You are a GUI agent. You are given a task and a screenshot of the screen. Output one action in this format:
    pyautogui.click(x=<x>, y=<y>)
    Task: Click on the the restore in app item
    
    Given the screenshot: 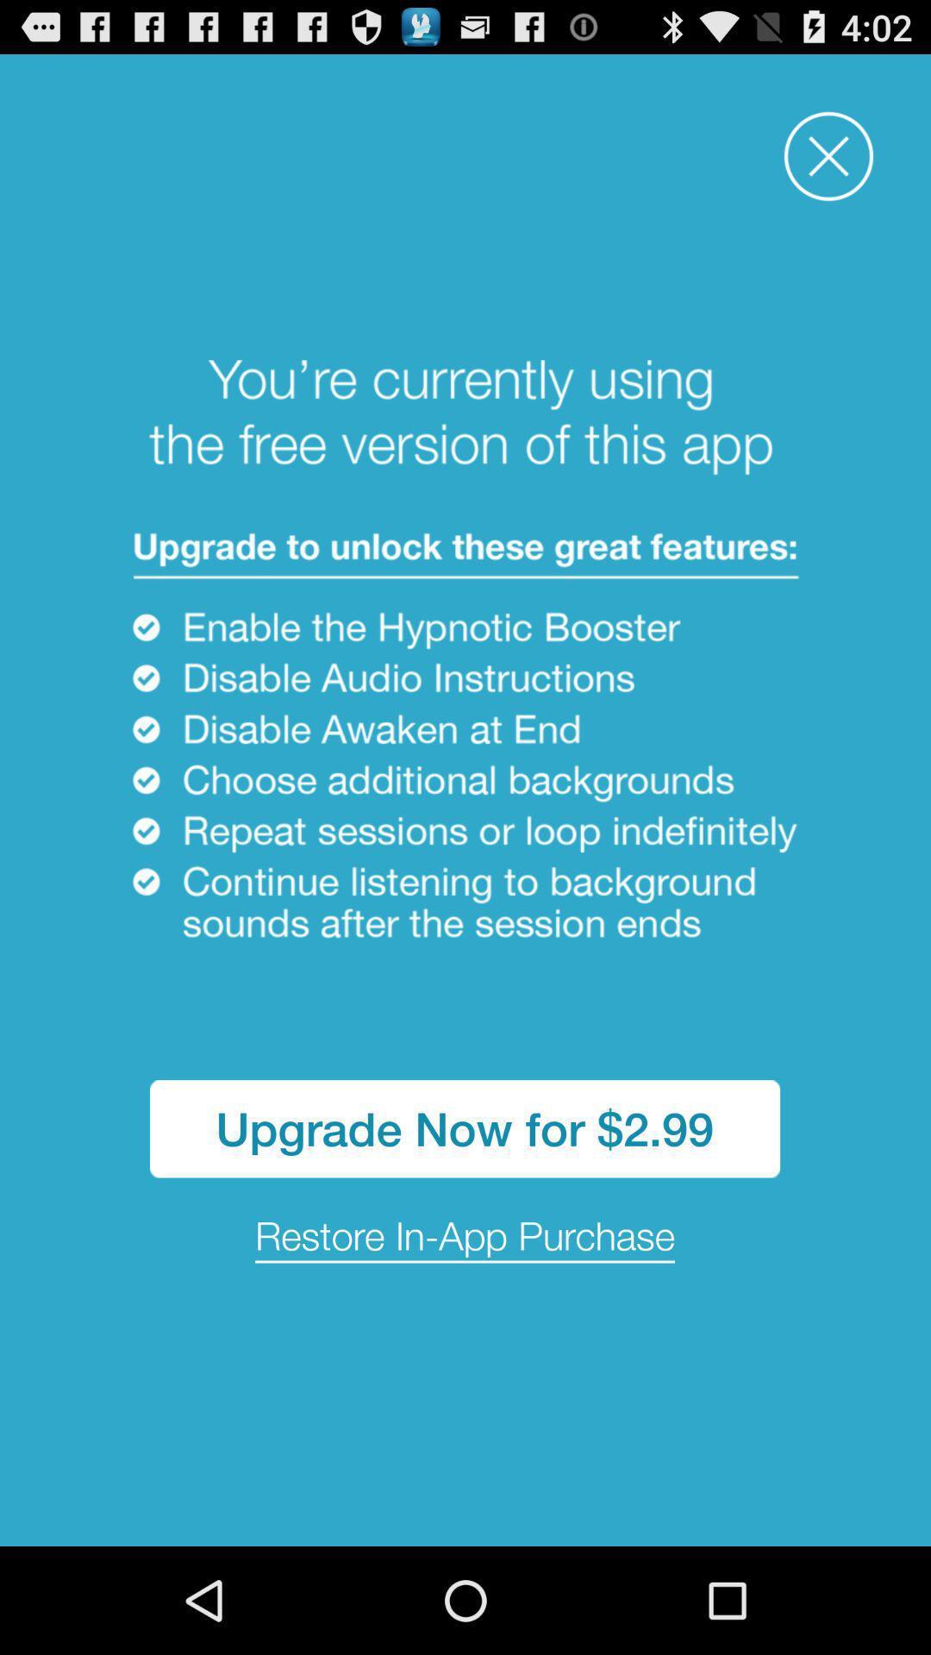 What is the action you would take?
    pyautogui.click(x=464, y=1236)
    